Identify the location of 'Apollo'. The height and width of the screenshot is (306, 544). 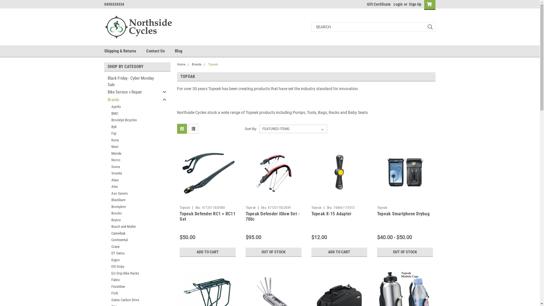
(132, 107).